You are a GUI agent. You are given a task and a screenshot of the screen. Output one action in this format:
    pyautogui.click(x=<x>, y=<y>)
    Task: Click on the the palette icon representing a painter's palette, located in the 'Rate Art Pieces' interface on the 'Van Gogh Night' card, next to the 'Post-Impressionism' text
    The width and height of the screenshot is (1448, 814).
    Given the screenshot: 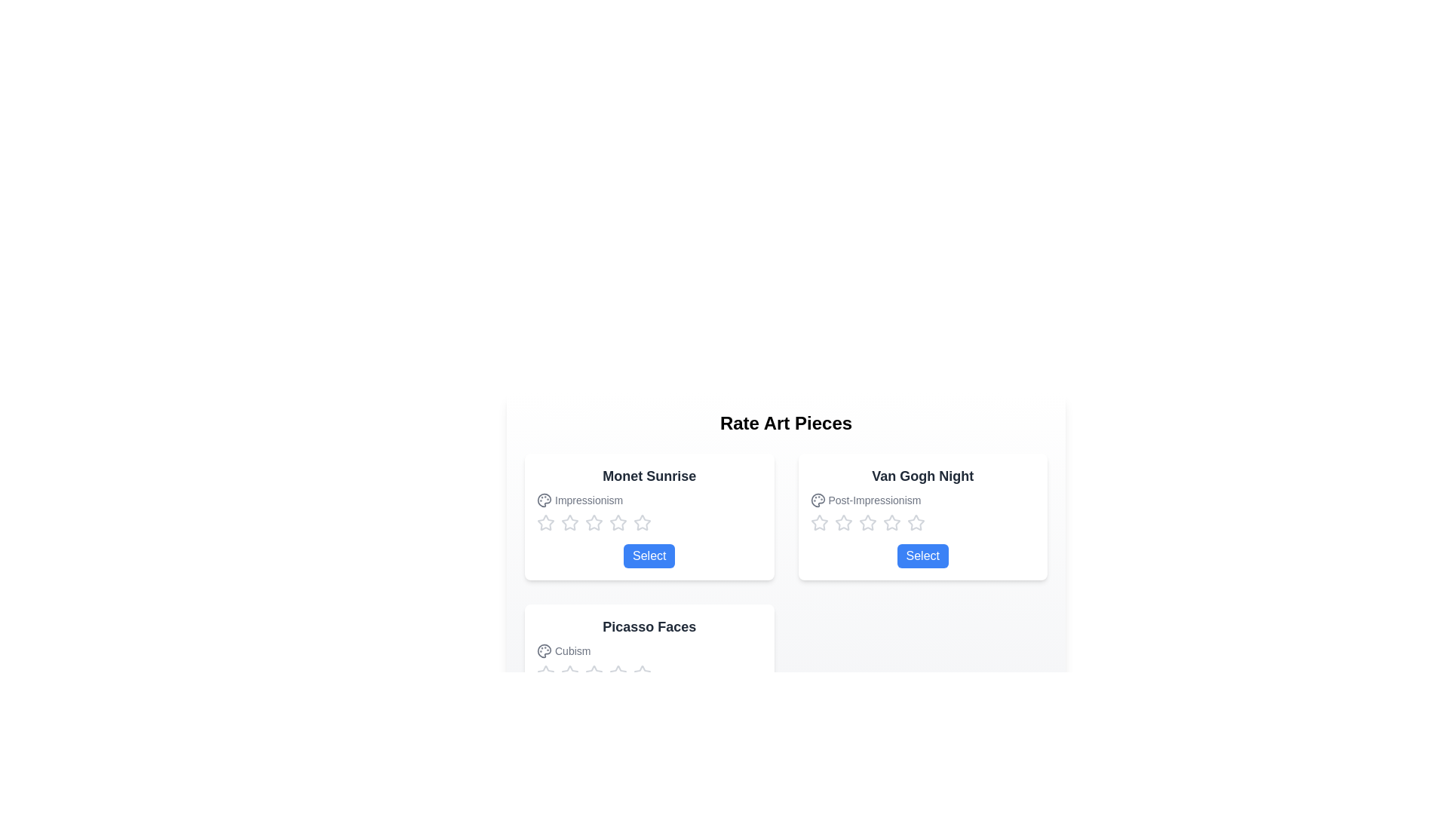 What is the action you would take?
    pyautogui.click(x=817, y=500)
    